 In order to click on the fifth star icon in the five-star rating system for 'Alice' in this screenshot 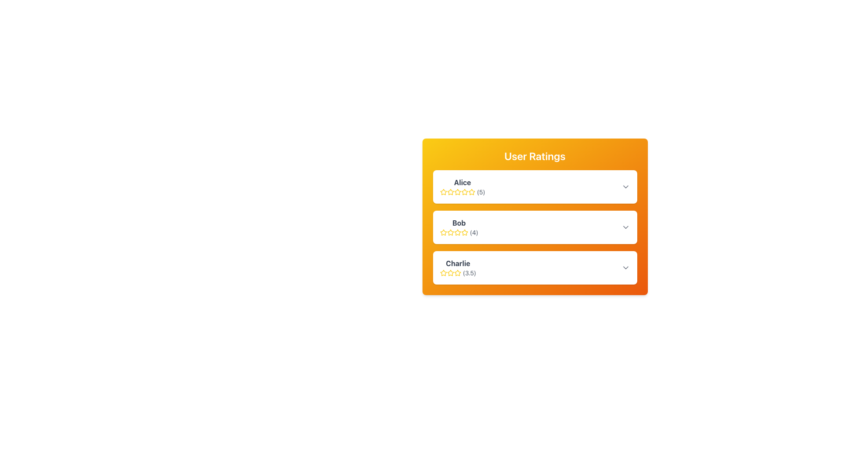, I will do `click(464, 191)`.